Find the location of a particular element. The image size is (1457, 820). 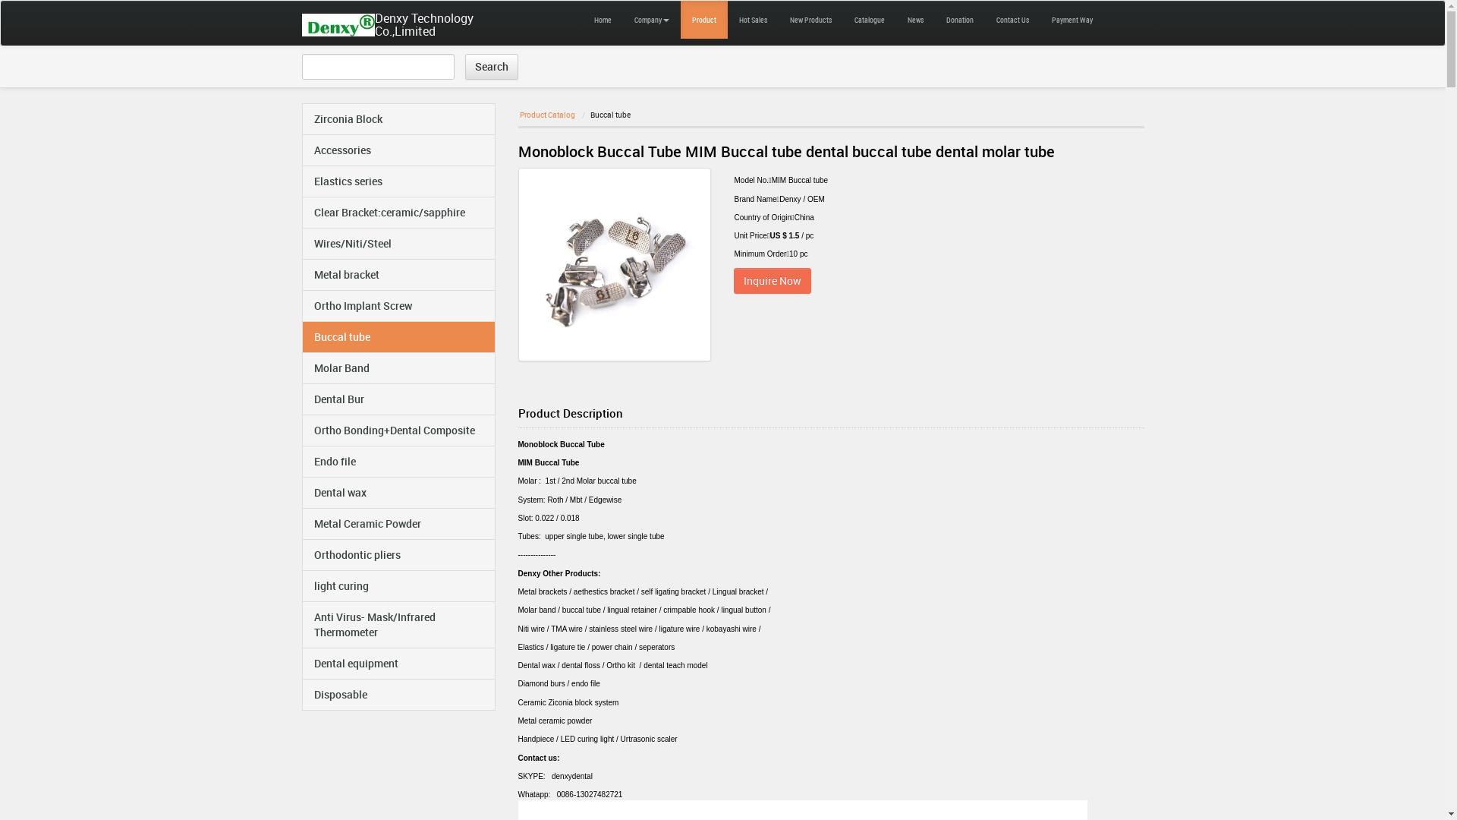

'Ortho Implant Screw' is located at coordinates (398, 305).